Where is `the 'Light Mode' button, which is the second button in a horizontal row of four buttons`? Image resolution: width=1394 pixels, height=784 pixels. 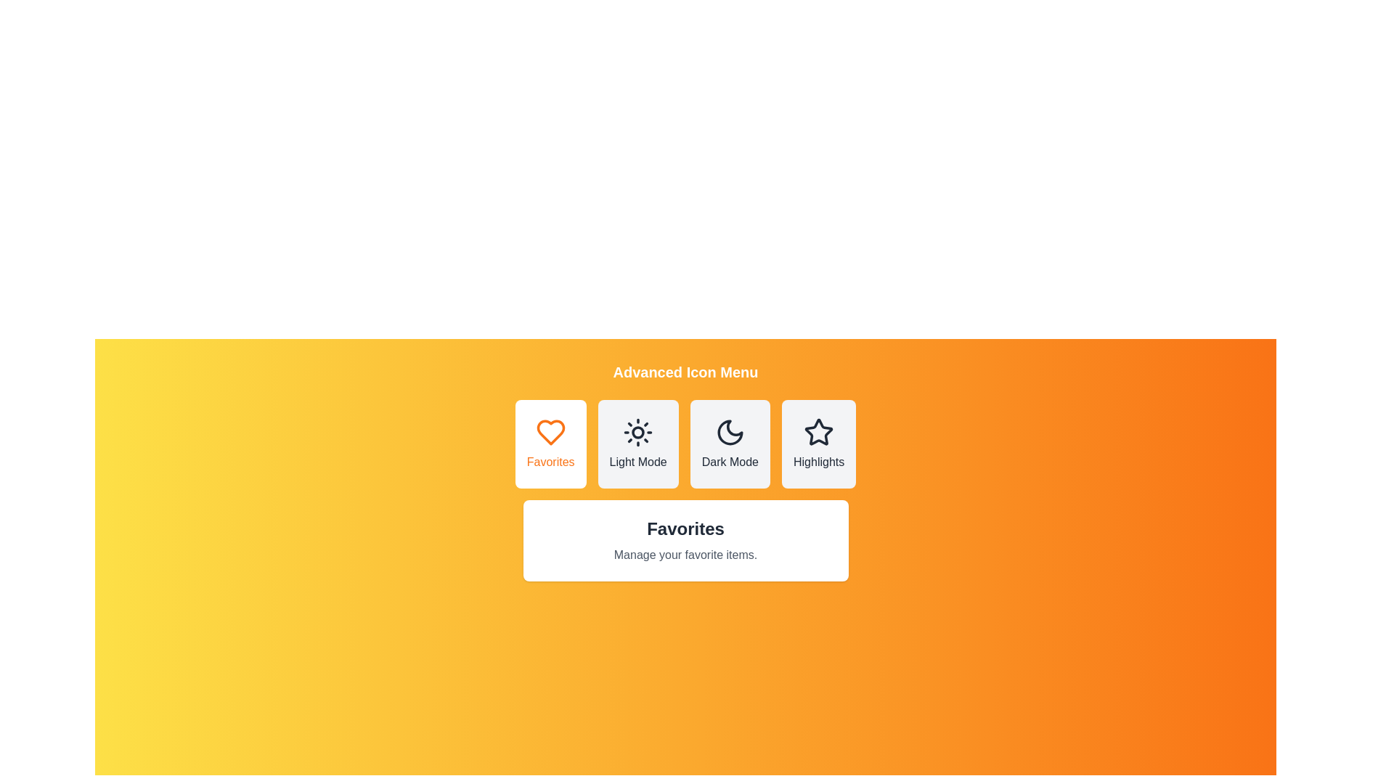
the 'Light Mode' button, which is the second button in a horizontal row of four buttons is located at coordinates (638, 444).